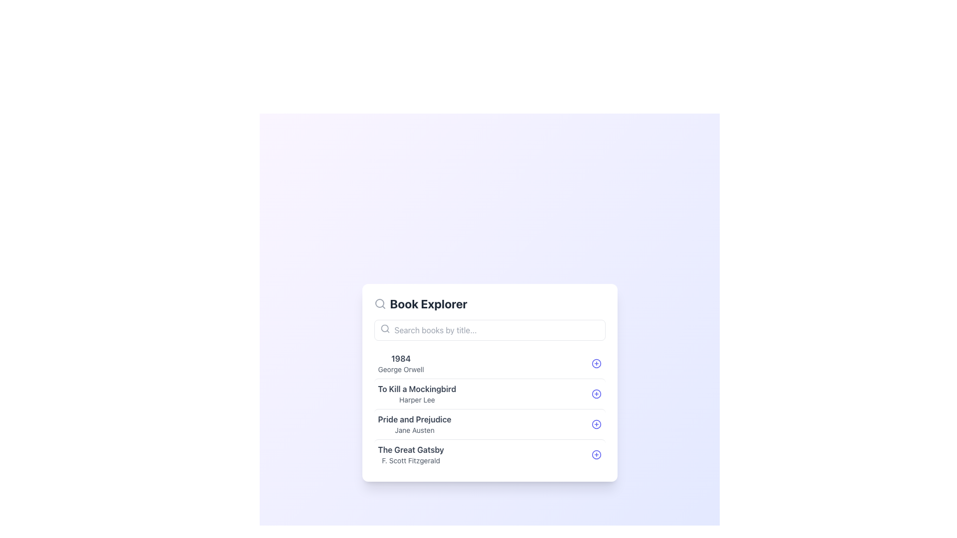 The width and height of the screenshot is (957, 538). What do you see at coordinates (596, 454) in the screenshot?
I see `the icon button for adding 'The Great Gatsby' to a list` at bounding box center [596, 454].